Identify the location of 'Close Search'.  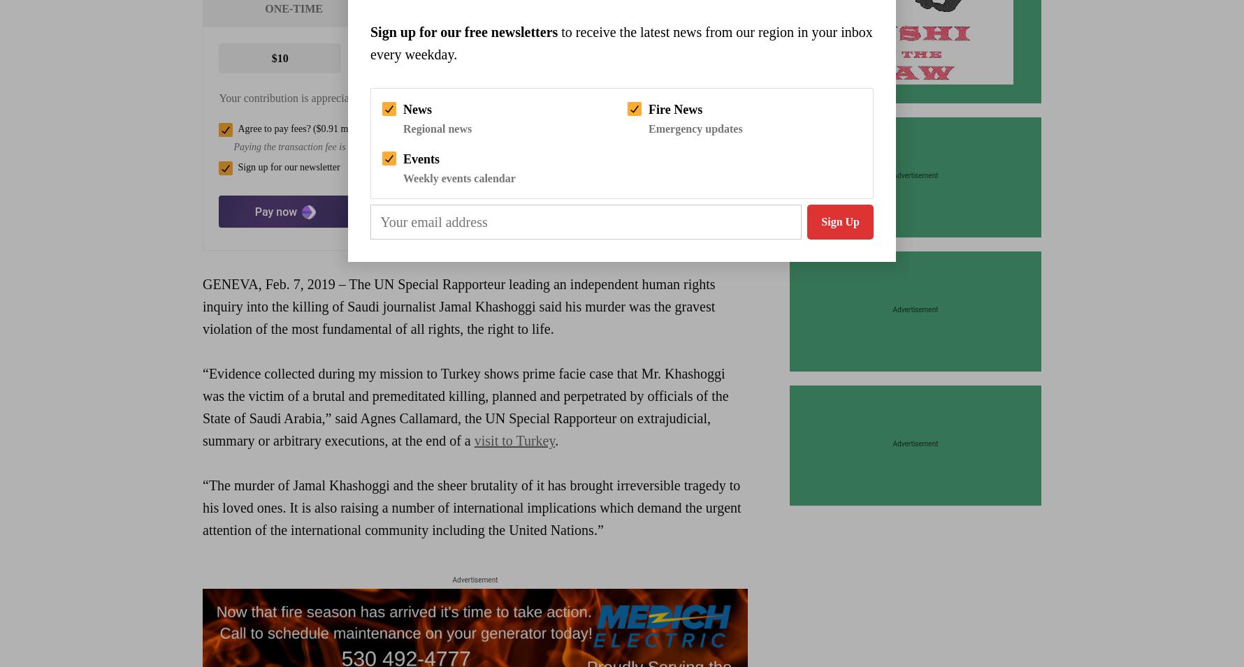
(1173, 652).